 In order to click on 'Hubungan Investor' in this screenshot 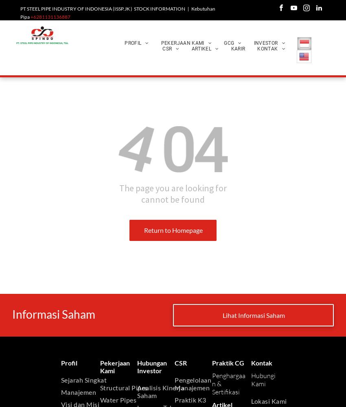, I will do `click(151, 366)`.